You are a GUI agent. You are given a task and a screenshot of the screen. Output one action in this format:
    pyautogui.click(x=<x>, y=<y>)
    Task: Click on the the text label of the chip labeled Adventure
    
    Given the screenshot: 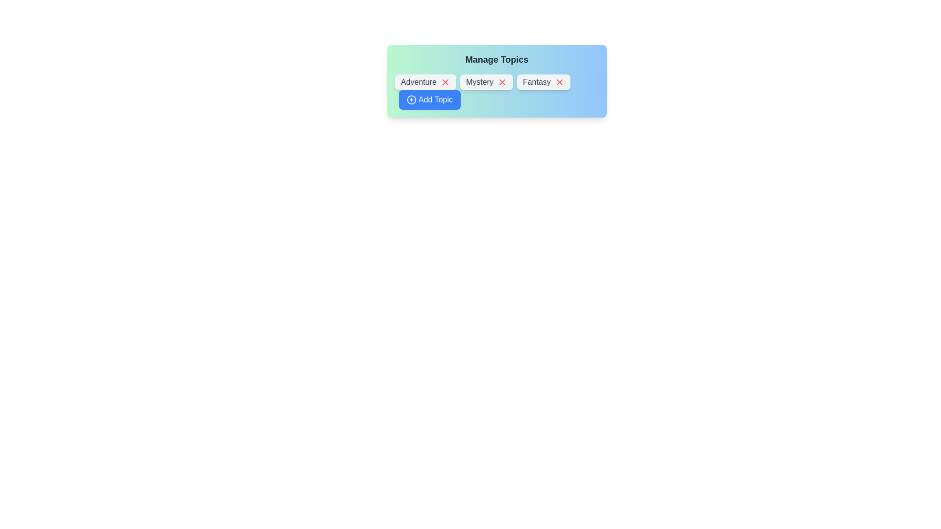 What is the action you would take?
    pyautogui.click(x=425, y=82)
    